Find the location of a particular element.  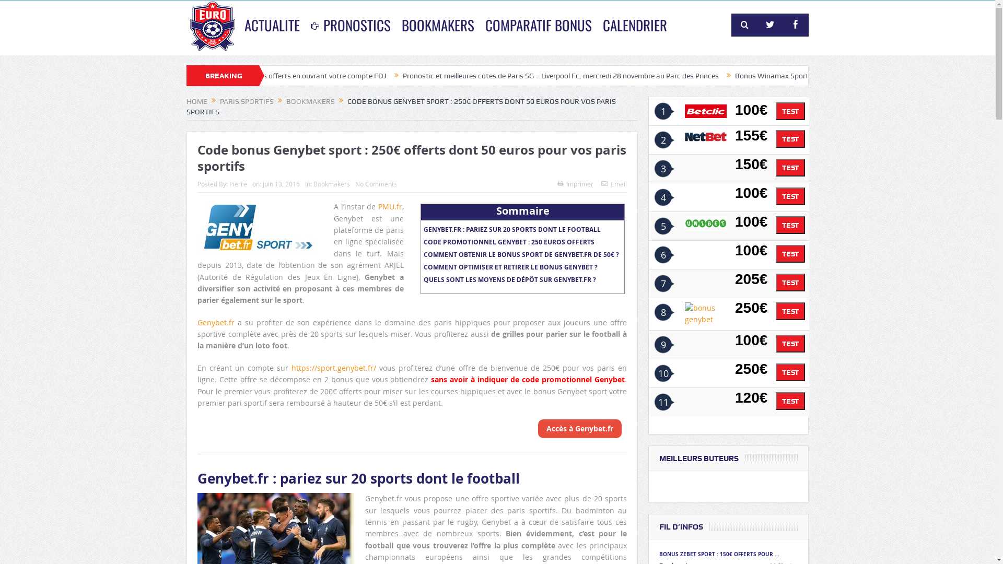

'BOOKMAKERS' is located at coordinates (286, 101).